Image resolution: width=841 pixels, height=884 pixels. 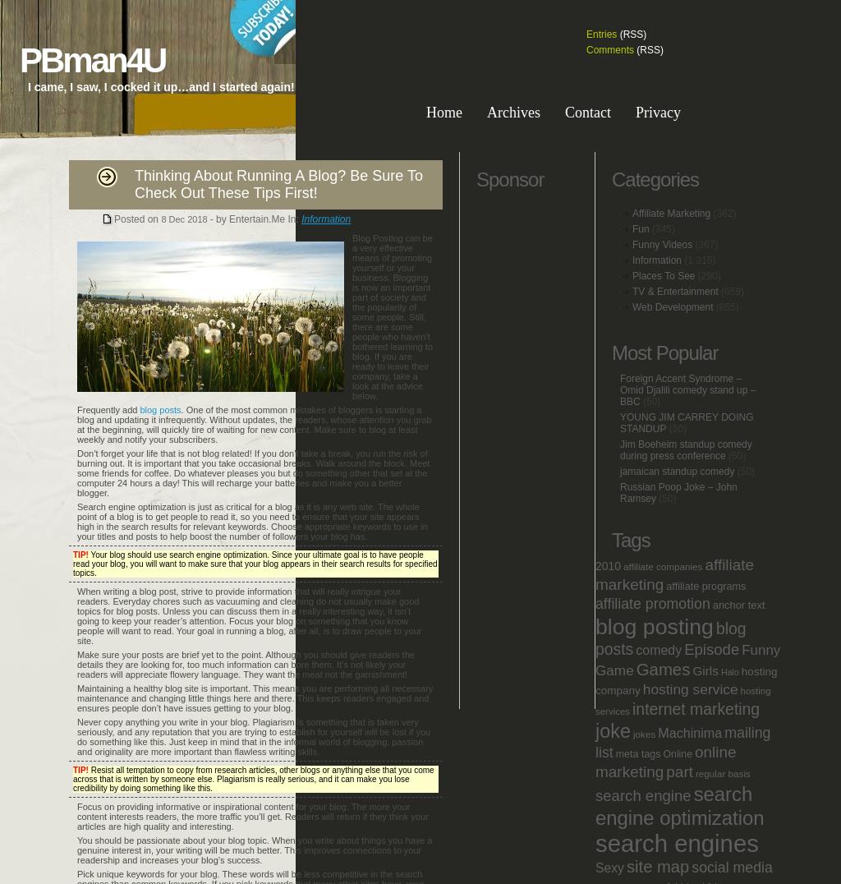 What do you see at coordinates (609, 50) in the screenshot?
I see `'Comments'` at bounding box center [609, 50].